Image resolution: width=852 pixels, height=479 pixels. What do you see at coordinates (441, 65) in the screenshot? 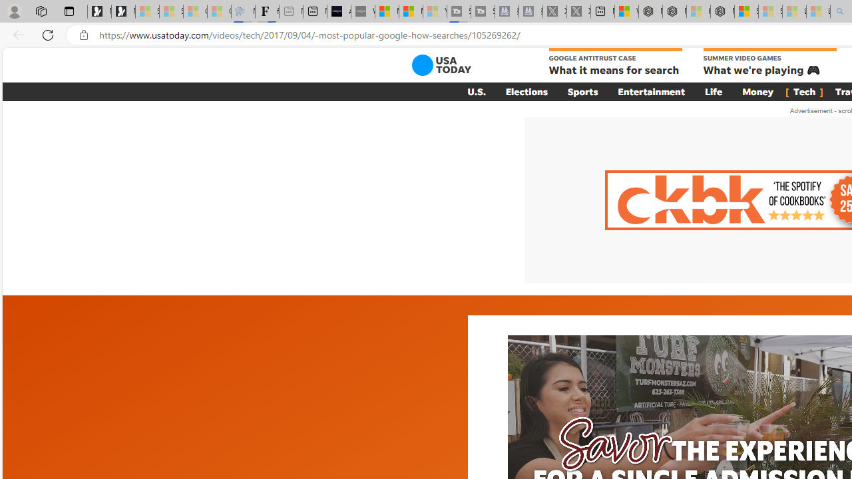
I see `'USA TODAY'` at bounding box center [441, 65].